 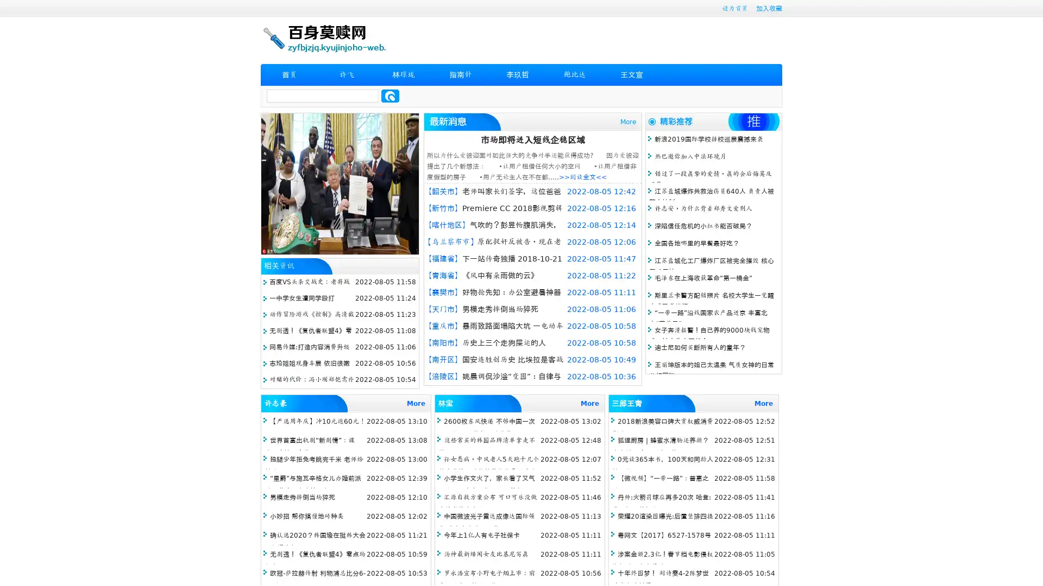 What do you see at coordinates (390, 95) in the screenshot?
I see `Search` at bounding box center [390, 95].